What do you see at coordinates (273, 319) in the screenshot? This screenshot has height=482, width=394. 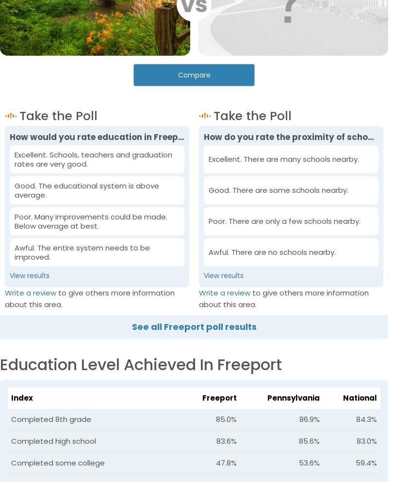 I see `'Ford Cliff'` at bounding box center [273, 319].